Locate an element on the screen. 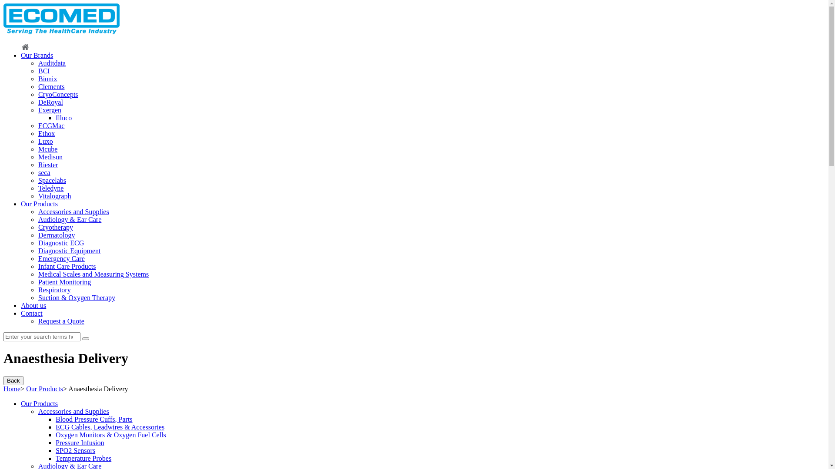  'Blood Pressure Cuffs, Parts' is located at coordinates (94, 419).